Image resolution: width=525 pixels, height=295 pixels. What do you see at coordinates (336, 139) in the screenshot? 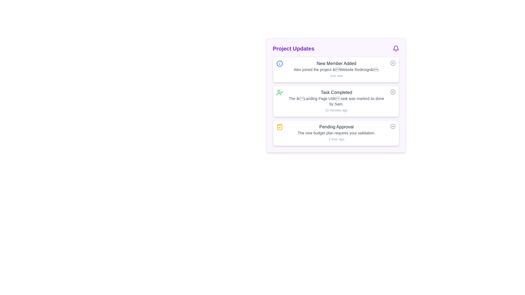
I see `the text label that displays a relative timestamp located at the bottom of the 'Pending Approval' notification card` at bounding box center [336, 139].